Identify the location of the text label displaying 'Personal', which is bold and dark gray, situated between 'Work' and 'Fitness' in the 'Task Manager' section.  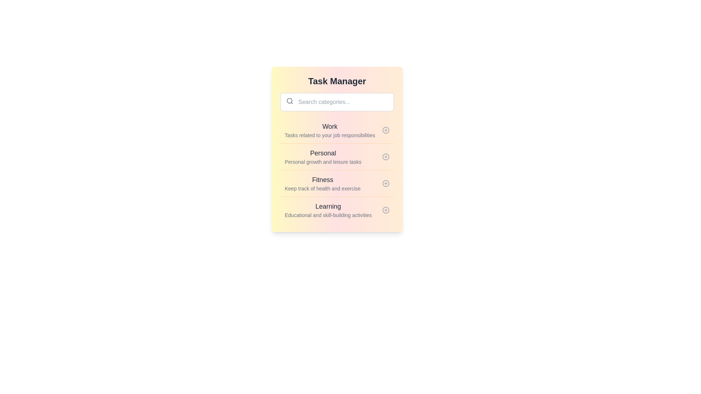
(323, 153).